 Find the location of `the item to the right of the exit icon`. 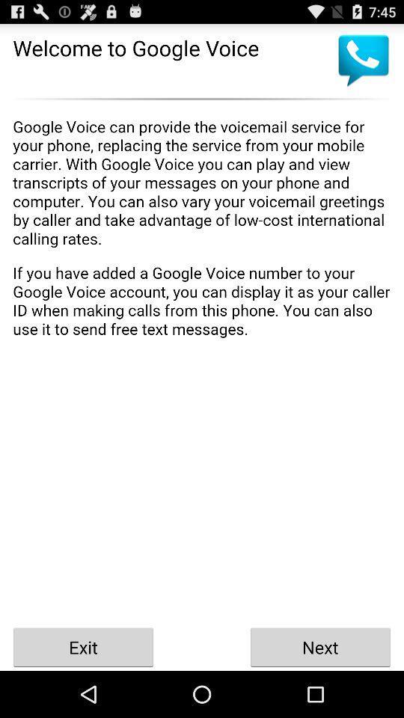

the item to the right of the exit icon is located at coordinates (319, 646).